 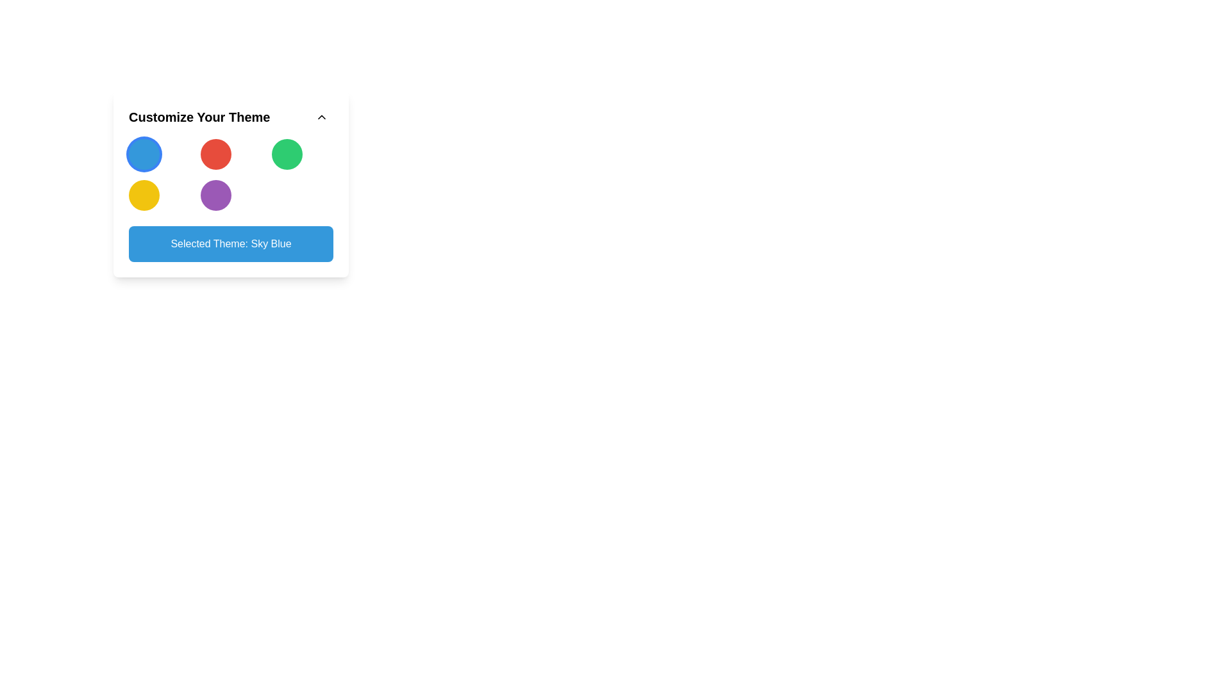 What do you see at coordinates (144, 153) in the screenshot?
I see `the 'Sky Blue' theme button located in the upper-left corner of the grid` at bounding box center [144, 153].